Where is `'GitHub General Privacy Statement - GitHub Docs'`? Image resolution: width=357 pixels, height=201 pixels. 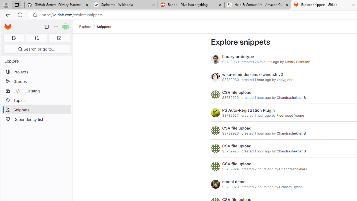
'GitHub General Privacy Statement - GitHub Docs' is located at coordinates (58, 5).